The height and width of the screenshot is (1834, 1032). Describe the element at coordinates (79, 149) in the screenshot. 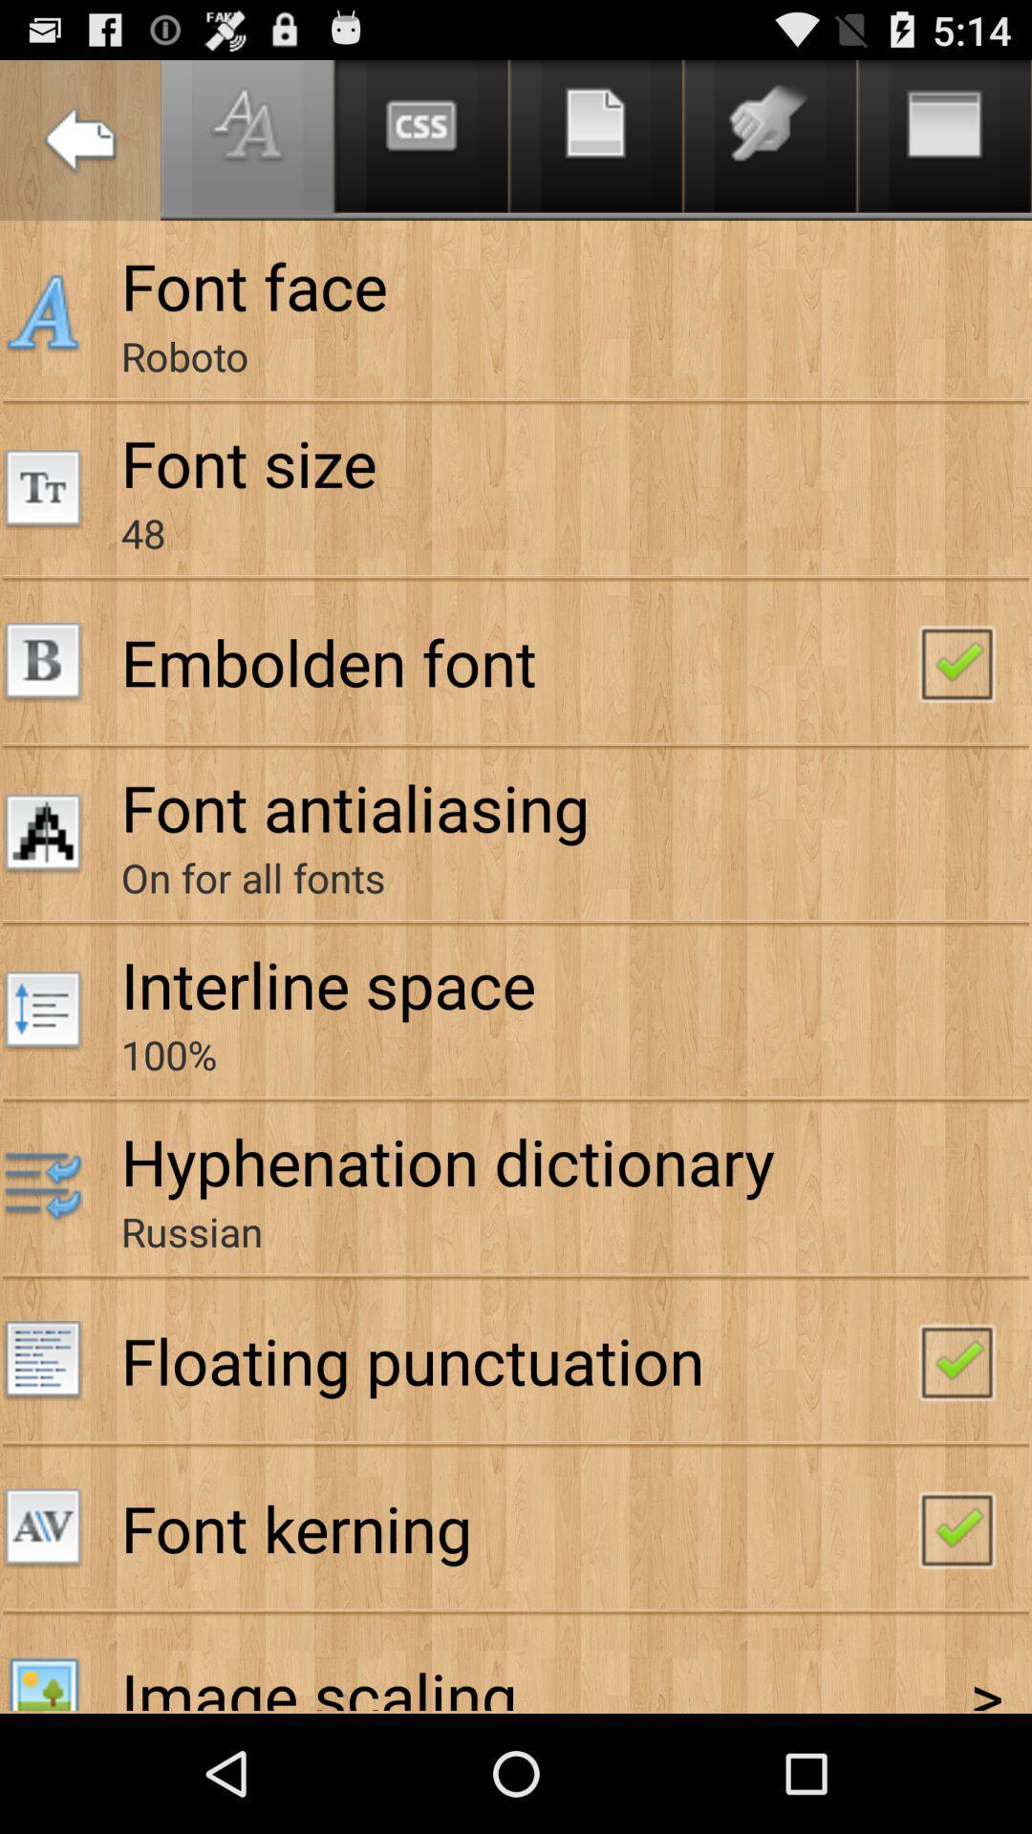

I see `the arrow_backward icon` at that location.